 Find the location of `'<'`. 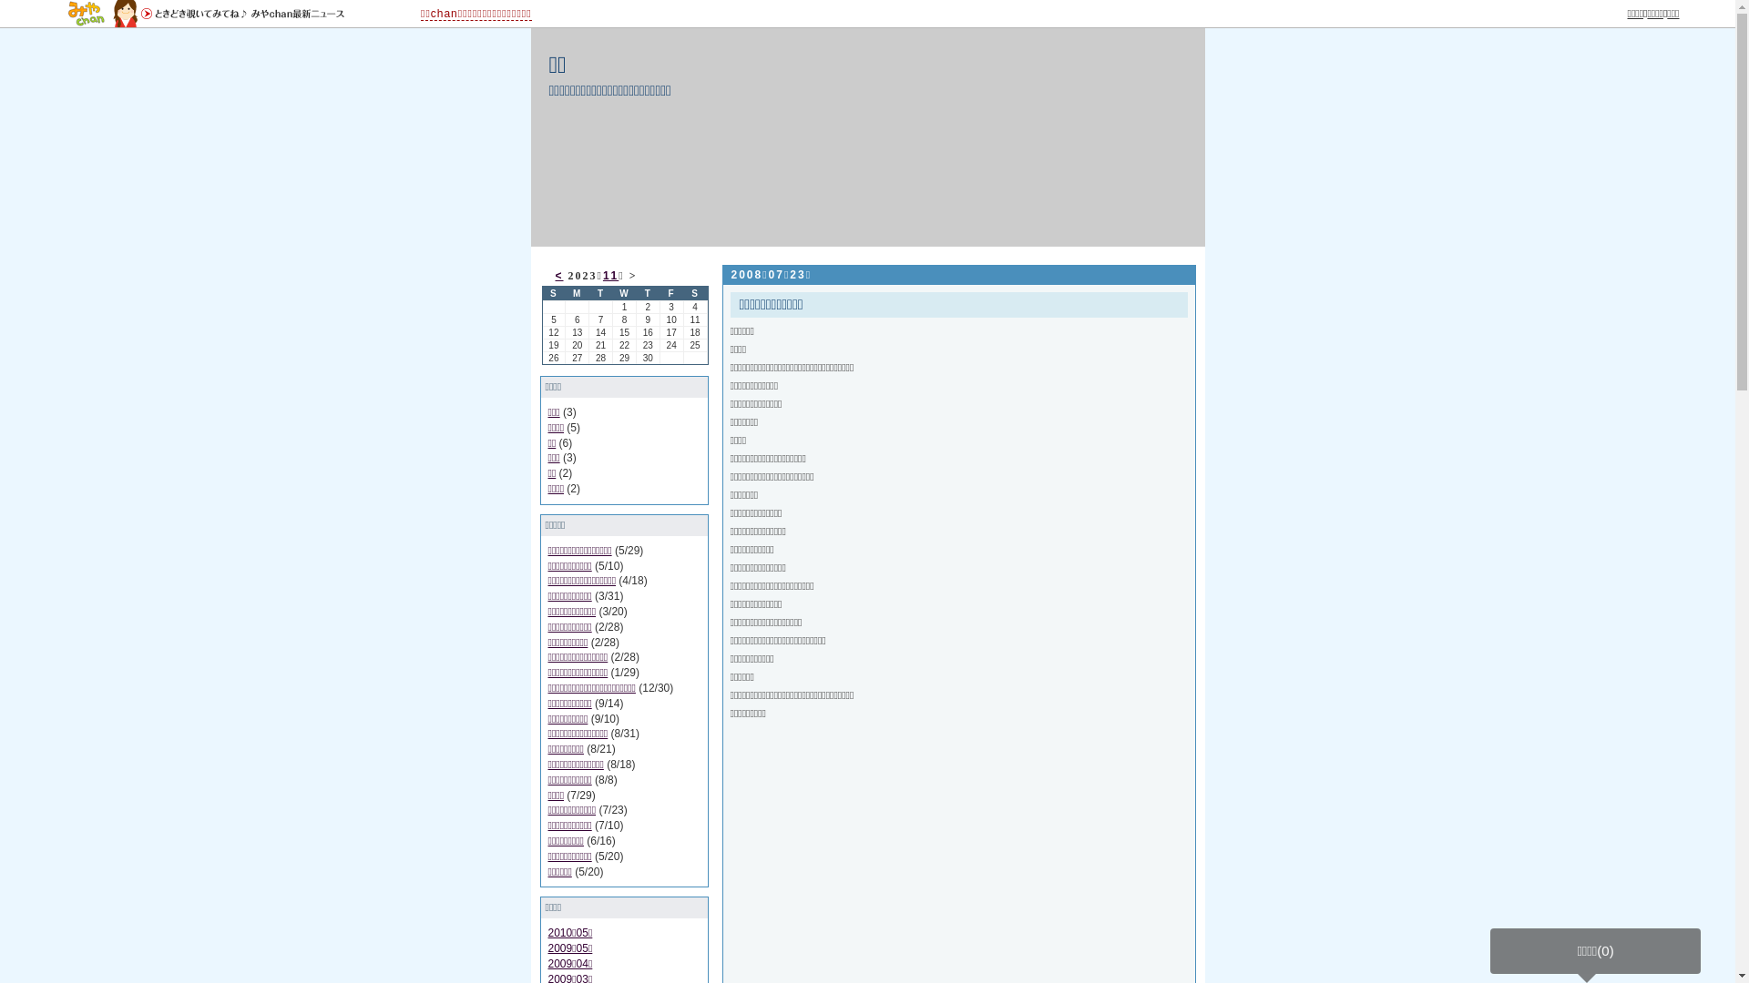

'<' is located at coordinates (554, 276).